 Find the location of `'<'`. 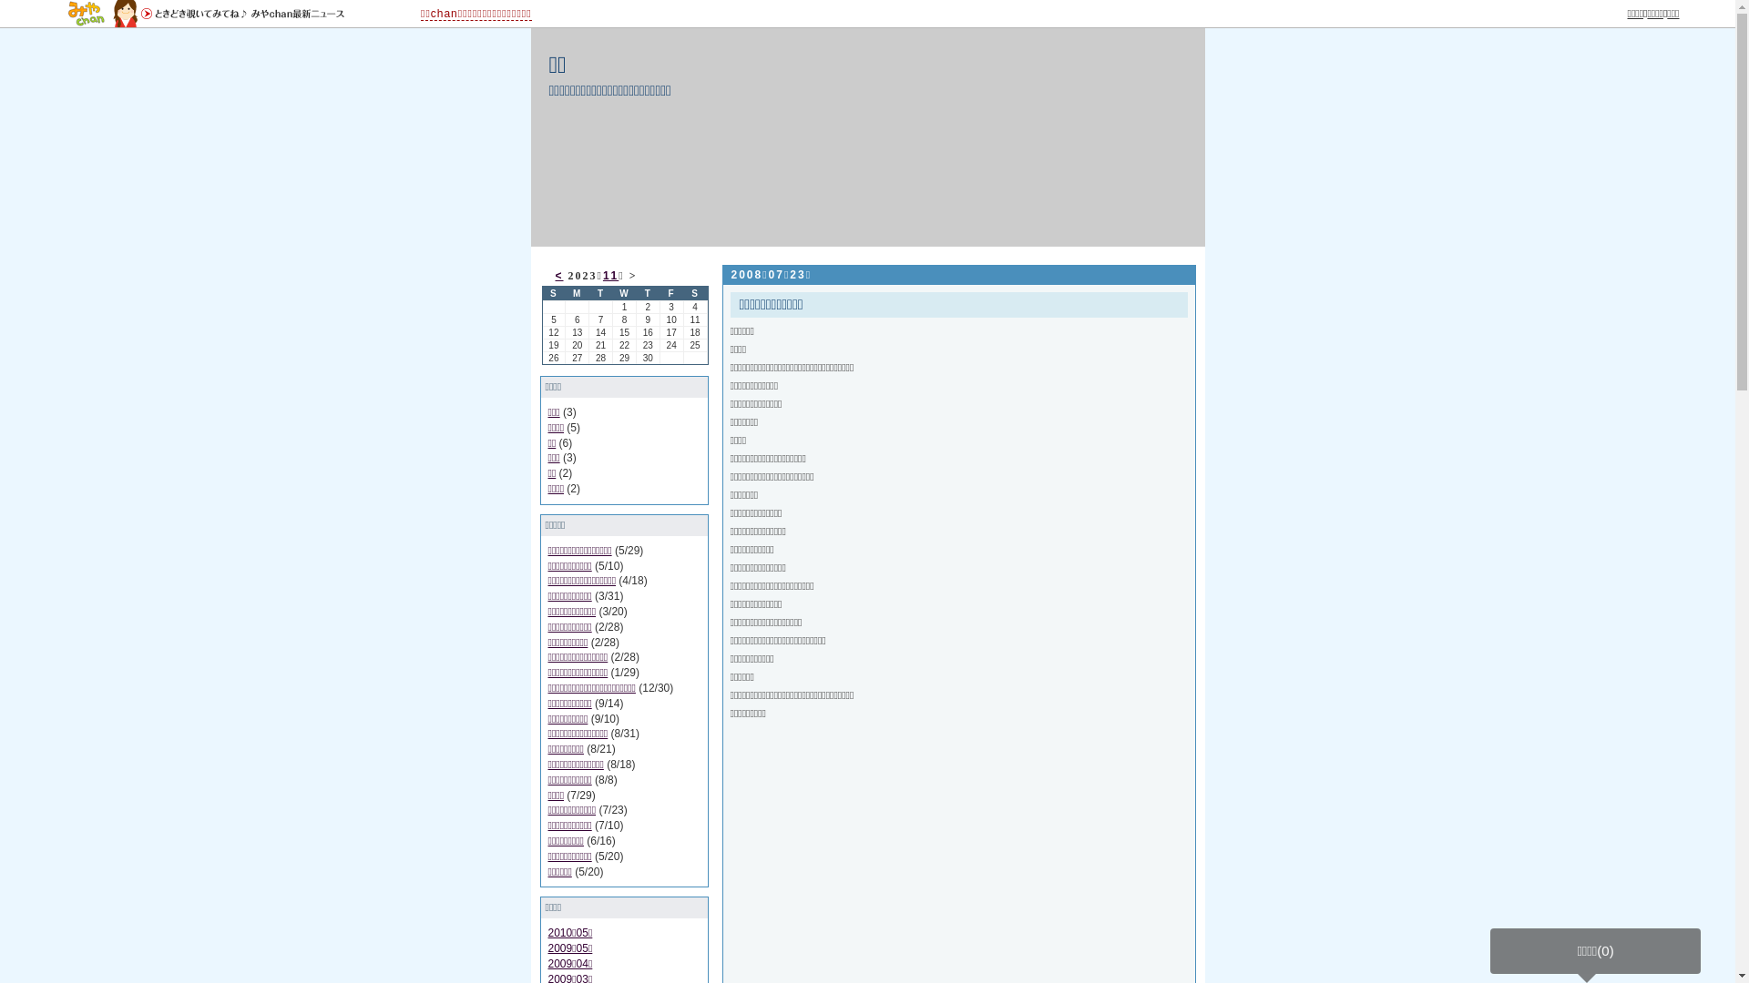

'<' is located at coordinates (554, 276).